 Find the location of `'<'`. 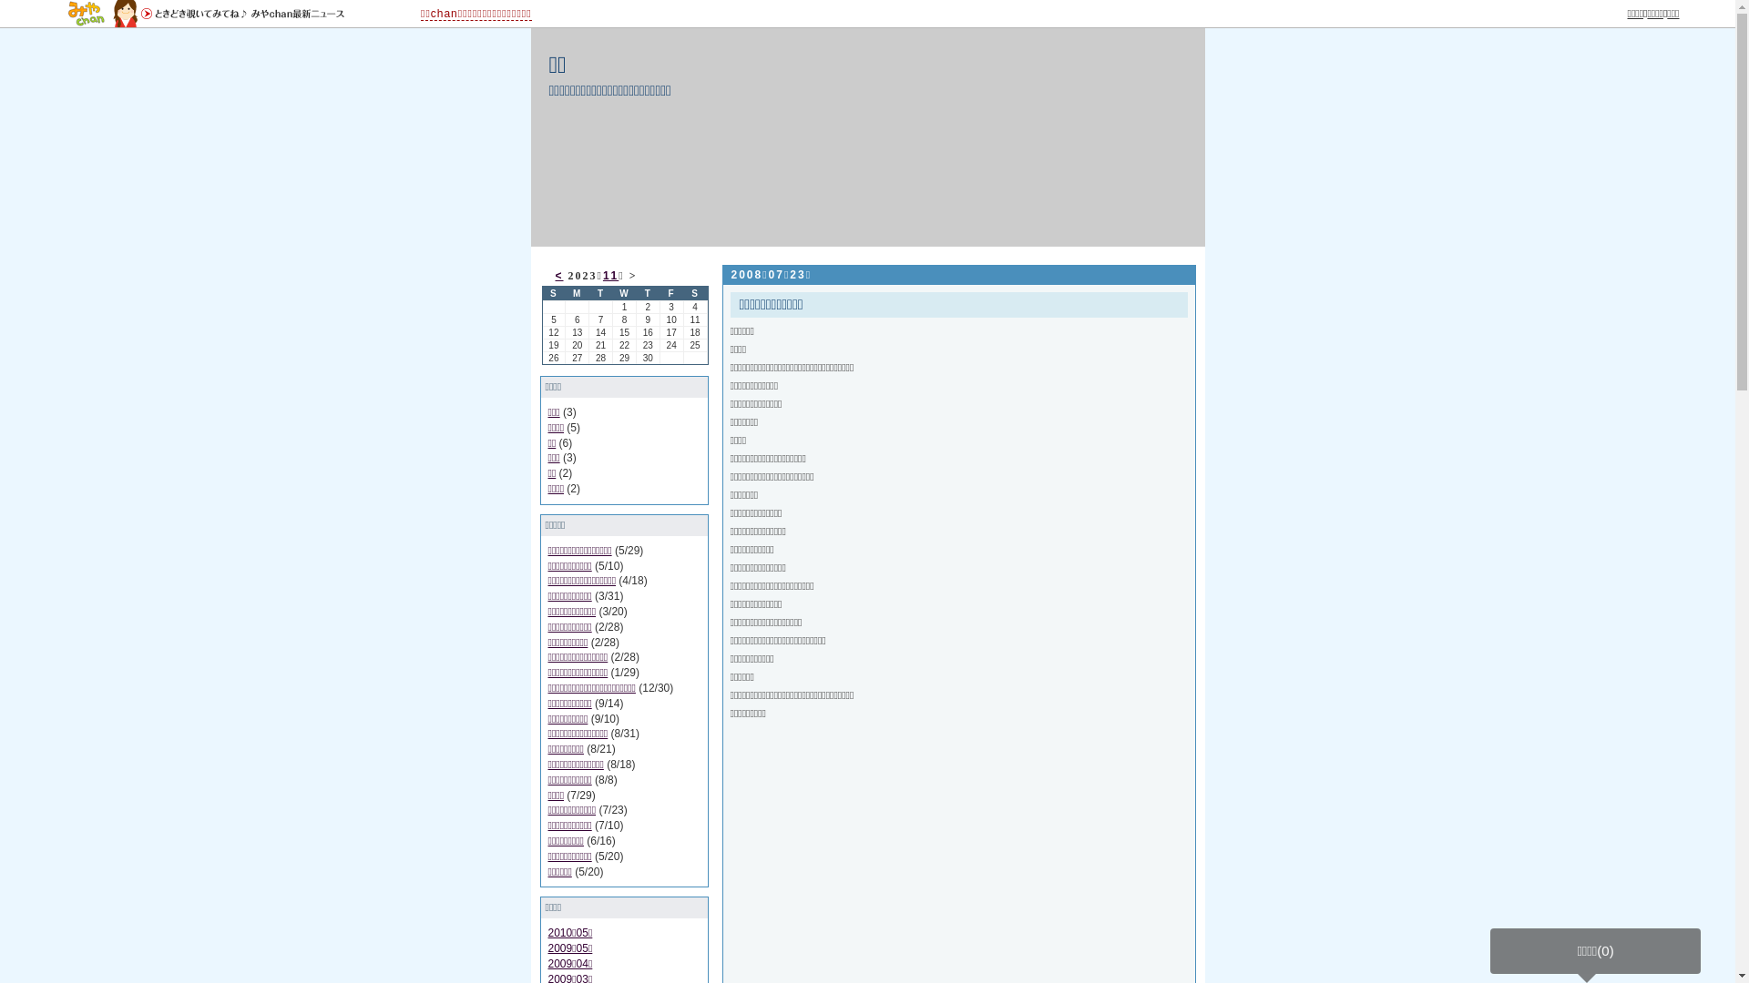

'<' is located at coordinates (554, 276).